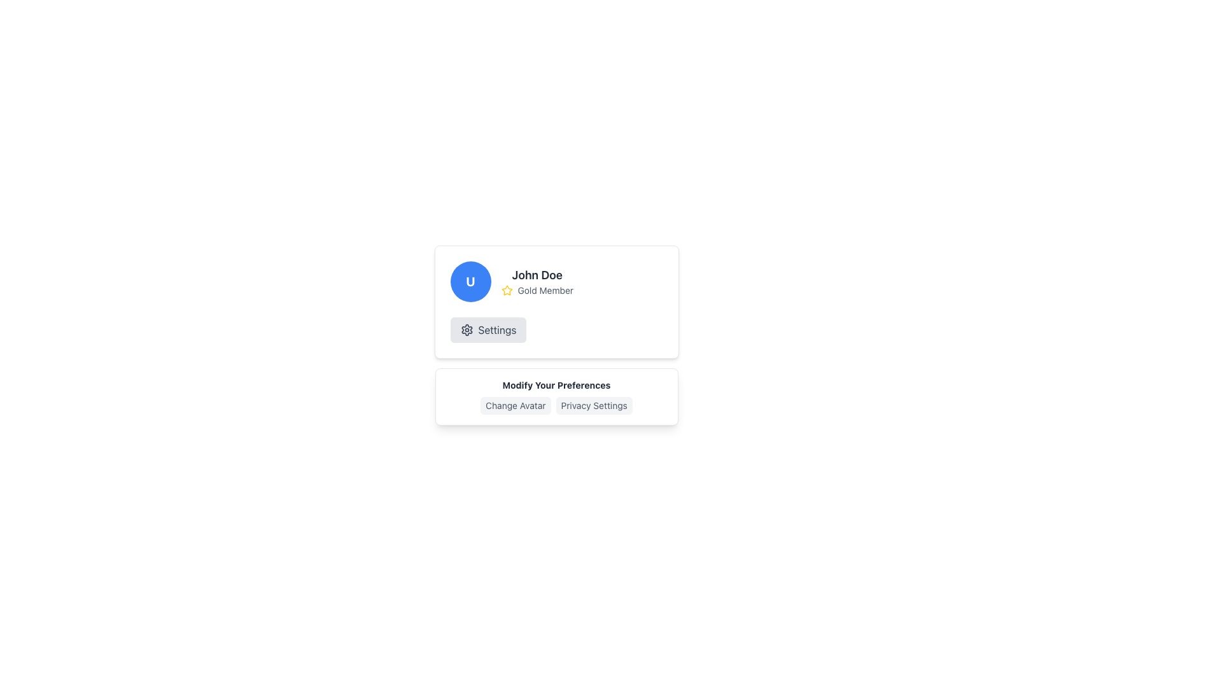  Describe the element at coordinates (537, 274) in the screenshot. I see `the 'John Doe' text label which is styled in bold and larger font, indicating emphasis on the name within the user profile card` at that location.